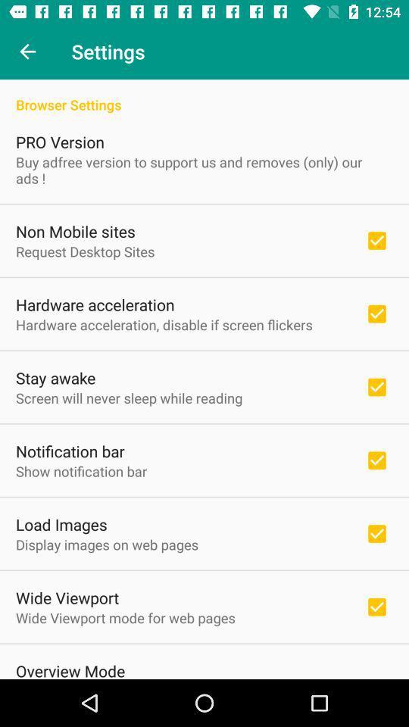 Image resolution: width=409 pixels, height=727 pixels. I want to click on overview mode, so click(70, 669).